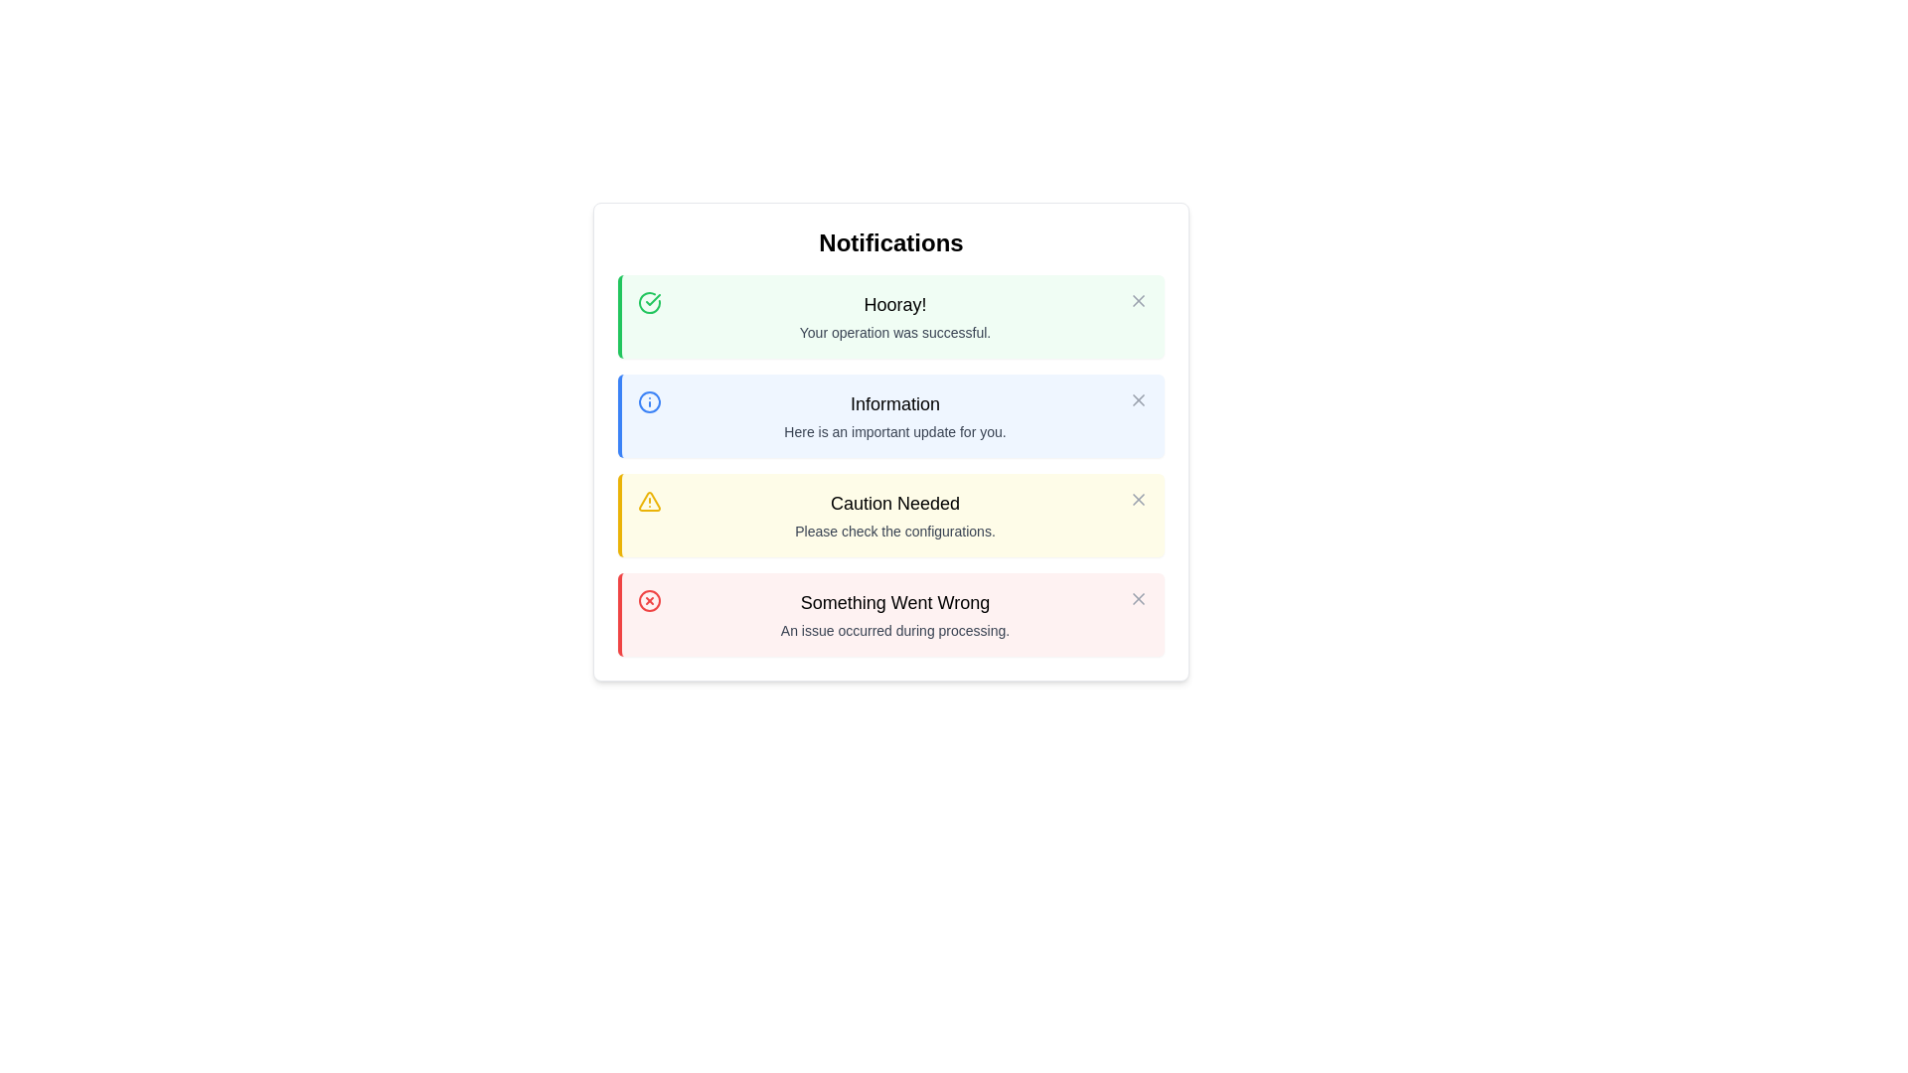  I want to click on the second line of text within the green success notification card, which provides additional information about the successful operation referenced by the notification card, so click(894, 332).